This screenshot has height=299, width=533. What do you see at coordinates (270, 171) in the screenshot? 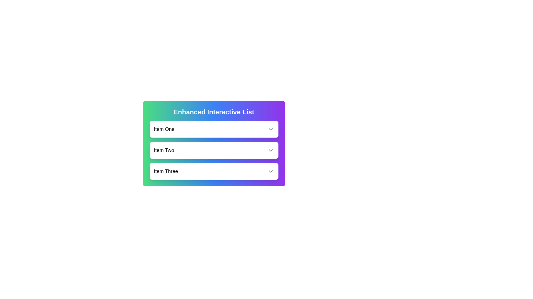
I see `the dropdown icon located on the right-hand side of the 'Item Three' row` at bounding box center [270, 171].